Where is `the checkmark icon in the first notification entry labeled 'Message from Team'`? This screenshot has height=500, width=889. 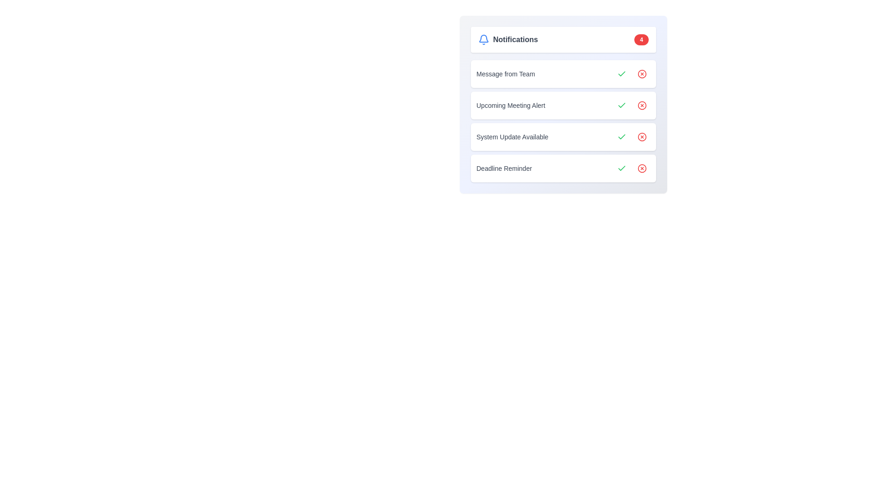
the checkmark icon in the first notification entry labeled 'Message from Team' is located at coordinates (622, 73).